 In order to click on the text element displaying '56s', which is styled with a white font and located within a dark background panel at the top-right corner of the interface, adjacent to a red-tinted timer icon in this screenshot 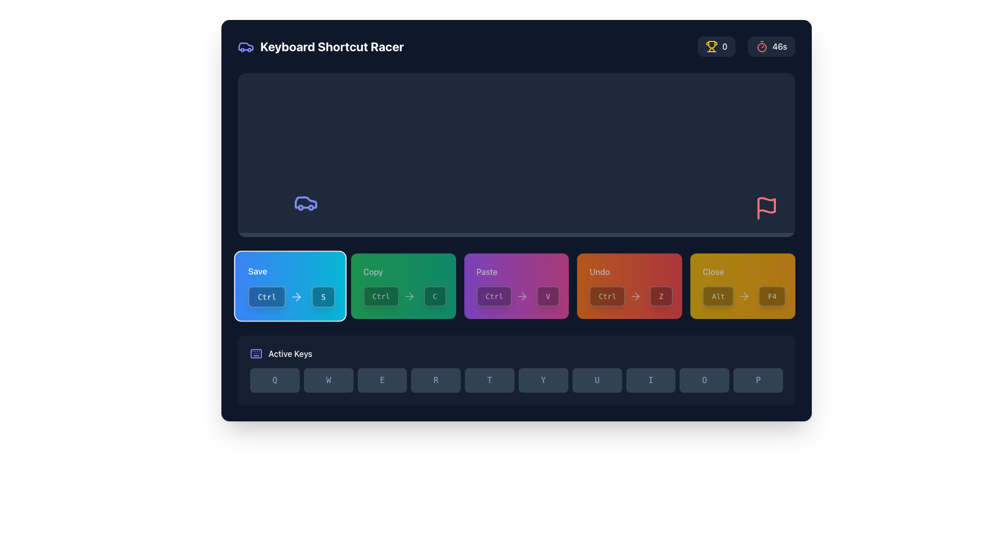, I will do `click(779, 47)`.